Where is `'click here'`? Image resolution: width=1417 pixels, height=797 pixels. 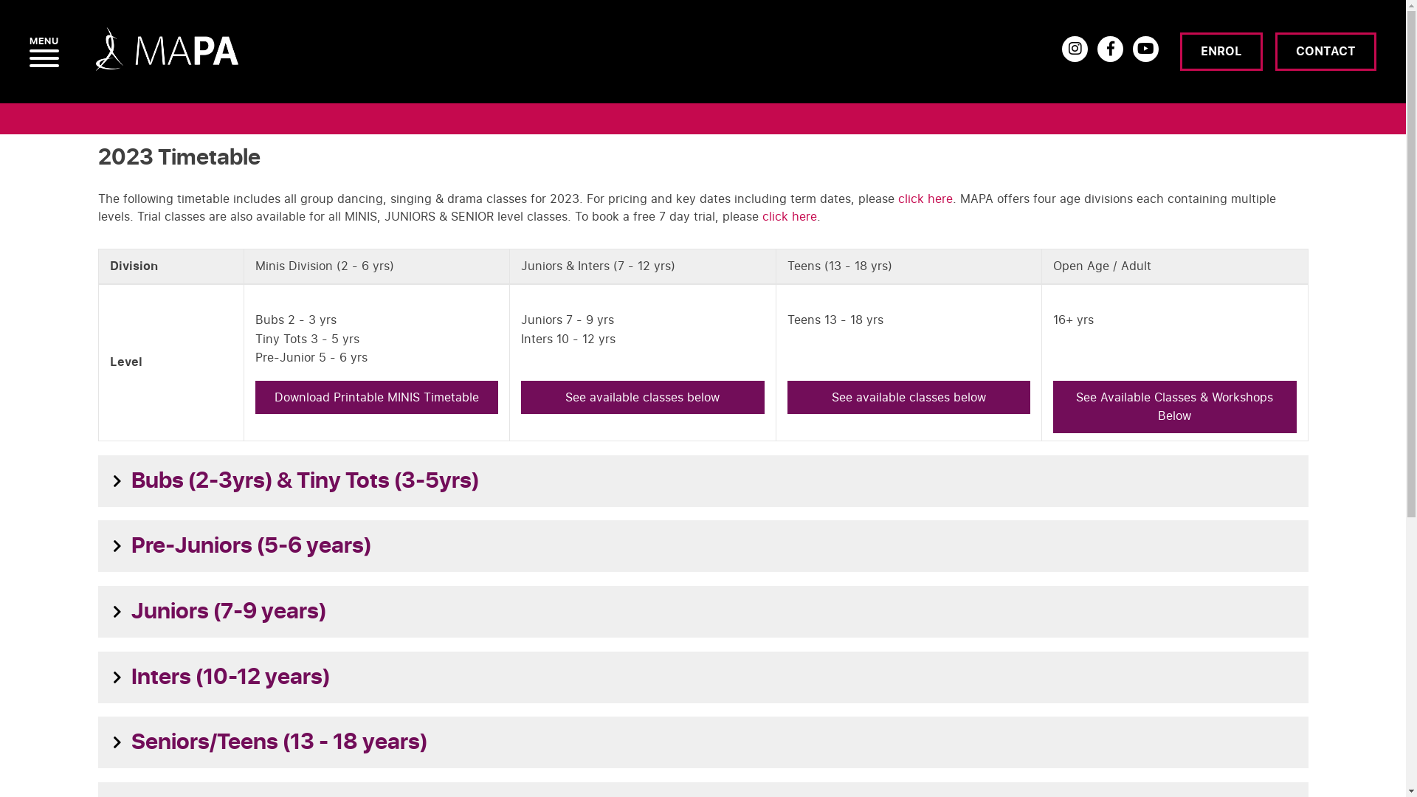
'click here' is located at coordinates (788, 216).